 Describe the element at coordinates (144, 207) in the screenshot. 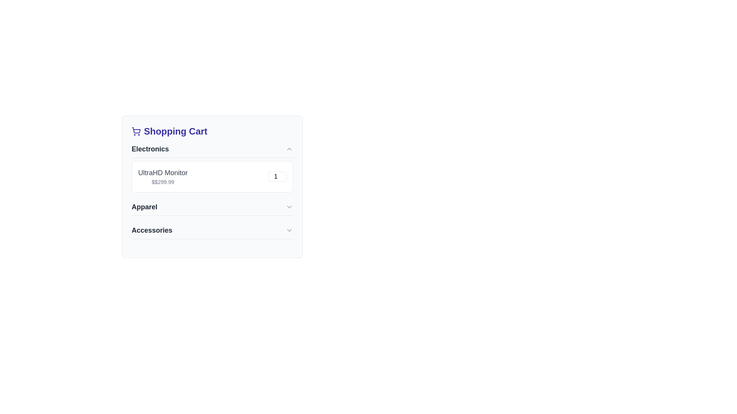

I see `text of the section header labeled 'Apparel' in the shopping cart interface, positioned between 'Electronics' and 'Accessories'` at that location.